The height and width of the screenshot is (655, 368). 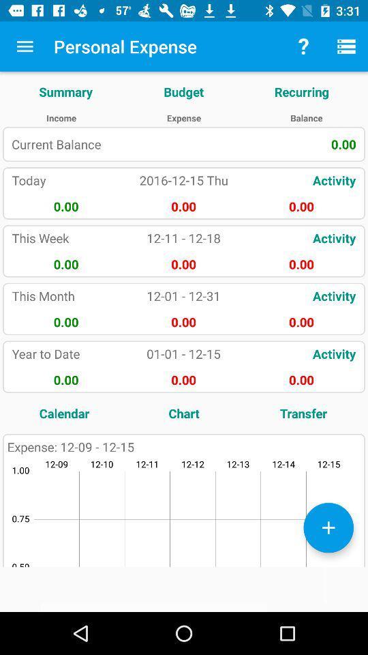 What do you see at coordinates (328, 527) in the screenshot?
I see `expense` at bounding box center [328, 527].